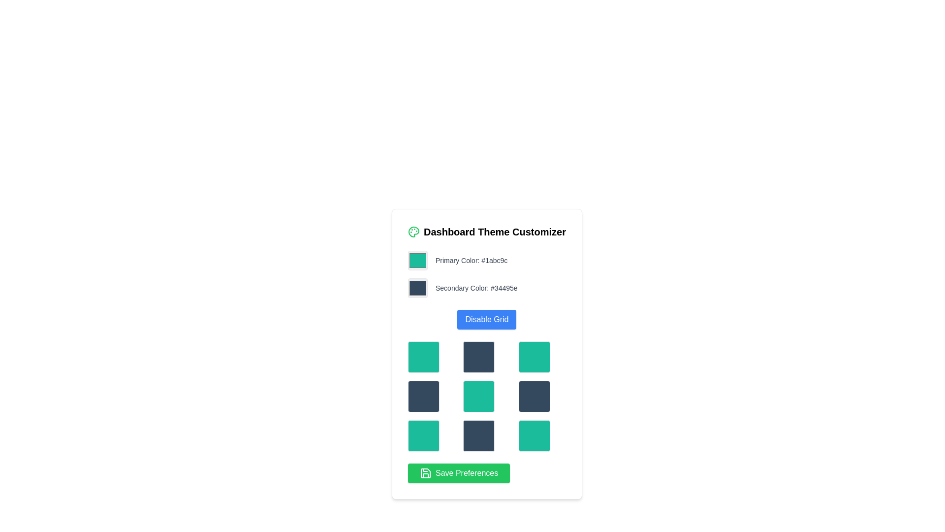 Image resolution: width=945 pixels, height=532 pixels. What do you see at coordinates (476, 288) in the screenshot?
I see `text content of the secondary color label displayed next to the color preview box in the Dashboard Theme Customizer` at bounding box center [476, 288].